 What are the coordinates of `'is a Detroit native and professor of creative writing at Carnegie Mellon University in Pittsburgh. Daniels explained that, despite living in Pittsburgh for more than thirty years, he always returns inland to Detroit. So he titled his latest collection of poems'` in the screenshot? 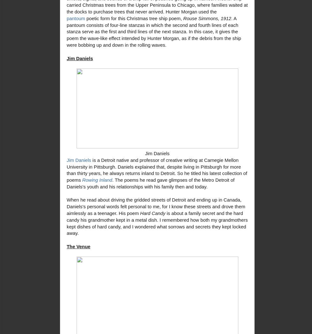 It's located at (157, 170).